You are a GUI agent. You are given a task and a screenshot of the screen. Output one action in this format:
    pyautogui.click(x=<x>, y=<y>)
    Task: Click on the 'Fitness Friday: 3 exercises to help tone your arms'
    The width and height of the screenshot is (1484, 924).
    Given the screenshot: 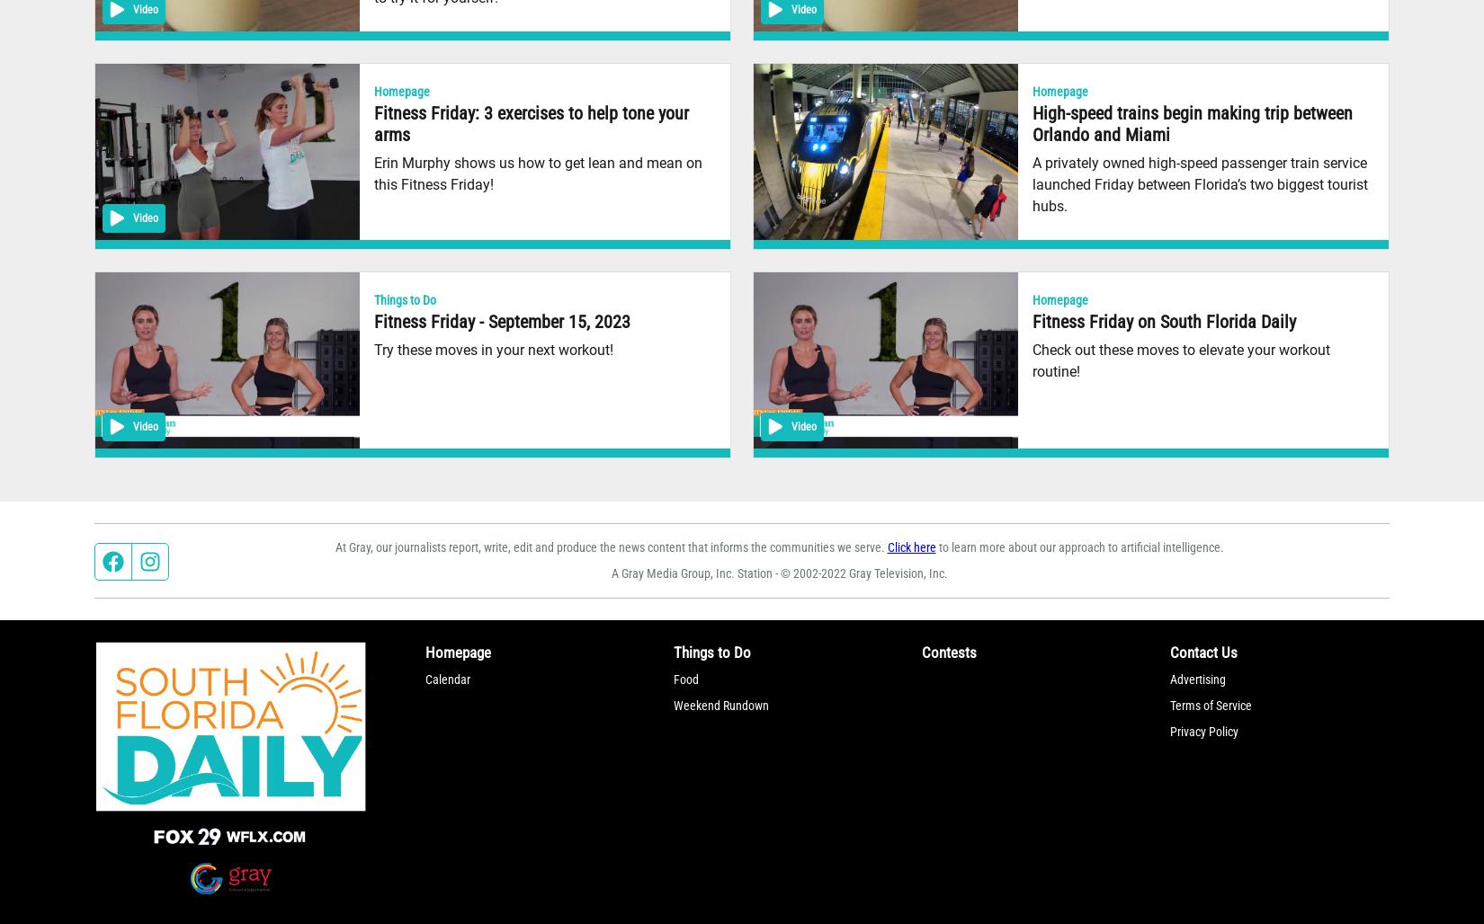 What is the action you would take?
    pyautogui.click(x=372, y=123)
    